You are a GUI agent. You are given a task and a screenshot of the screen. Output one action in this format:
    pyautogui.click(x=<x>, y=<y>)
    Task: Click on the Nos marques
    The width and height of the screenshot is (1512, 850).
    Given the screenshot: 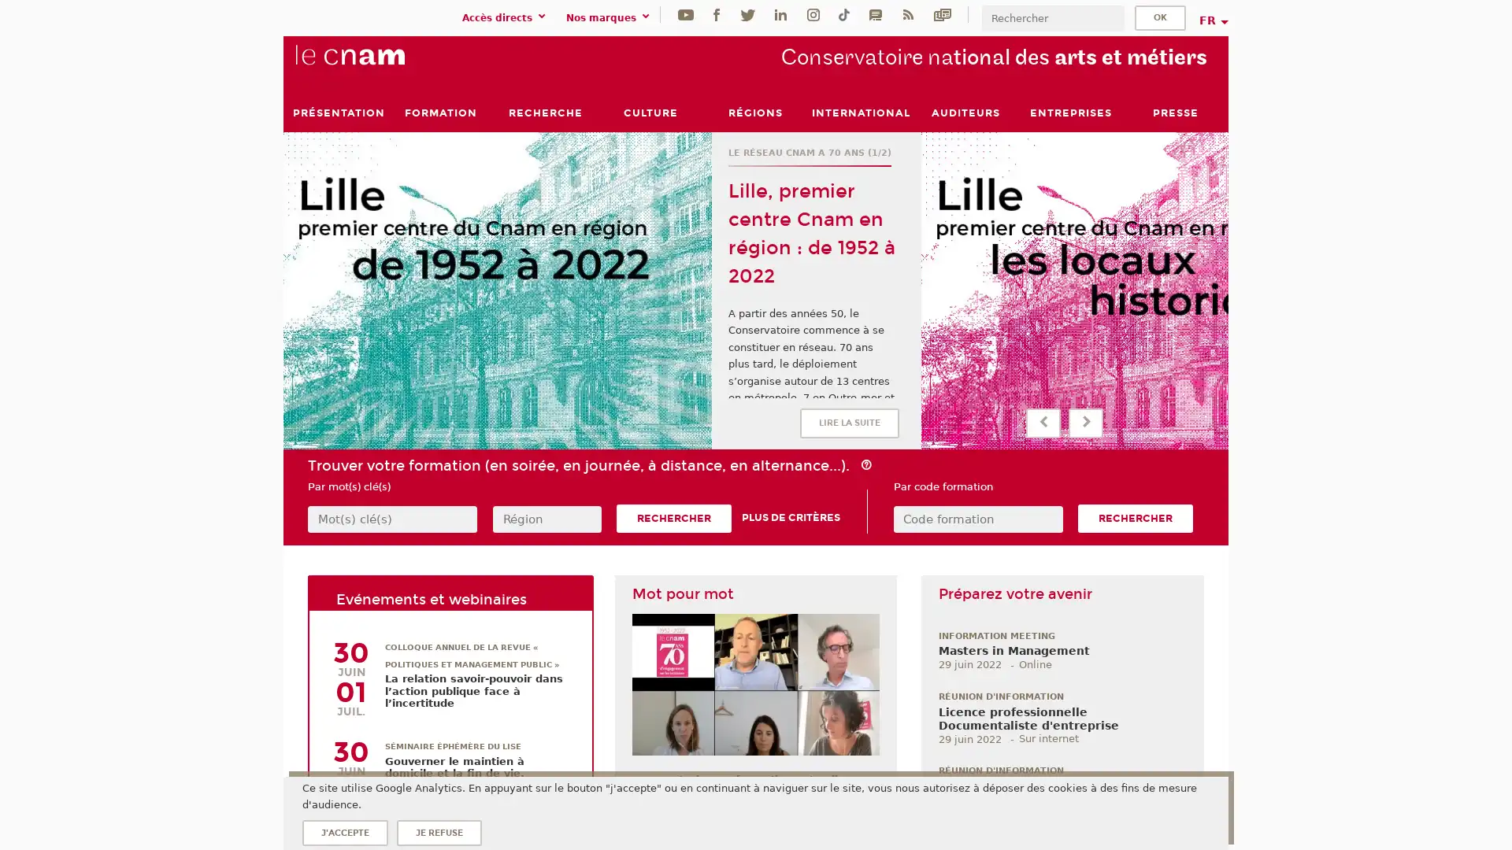 What is the action you would take?
    pyautogui.click(x=610, y=17)
    